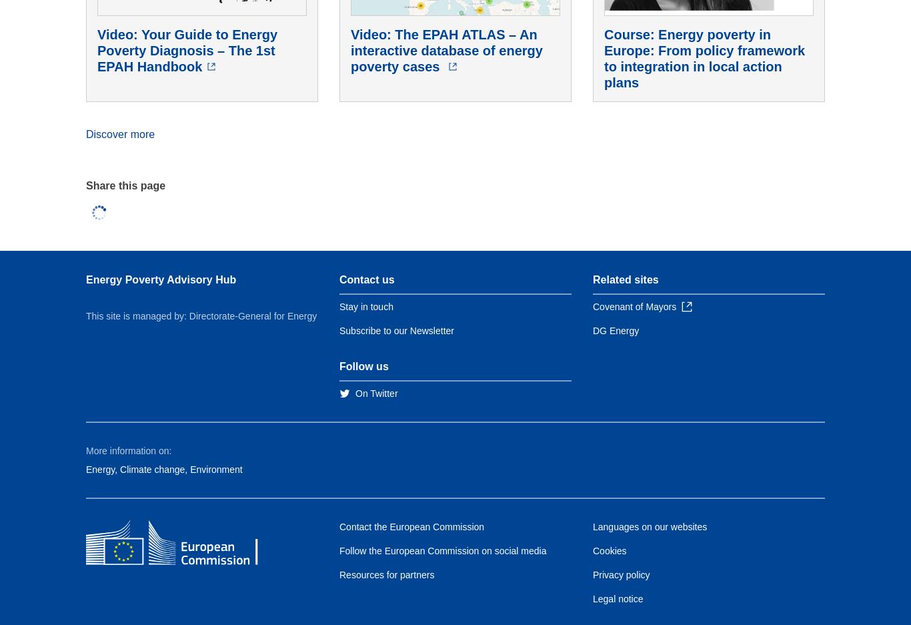 This screenshot has height=625, width=911. Describe the element at coordinates (626, 279) in the screenshot. I see `'Related sites'` at that location.